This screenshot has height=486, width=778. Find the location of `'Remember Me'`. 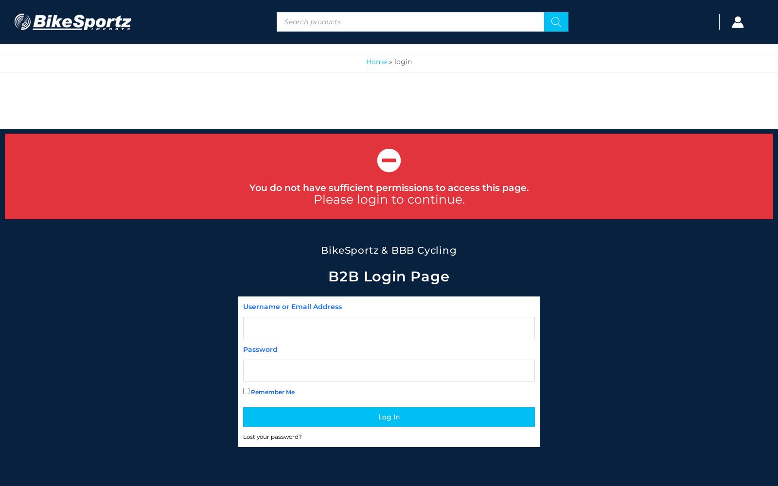

'Remember Me' is located at coordinates (271, 391).